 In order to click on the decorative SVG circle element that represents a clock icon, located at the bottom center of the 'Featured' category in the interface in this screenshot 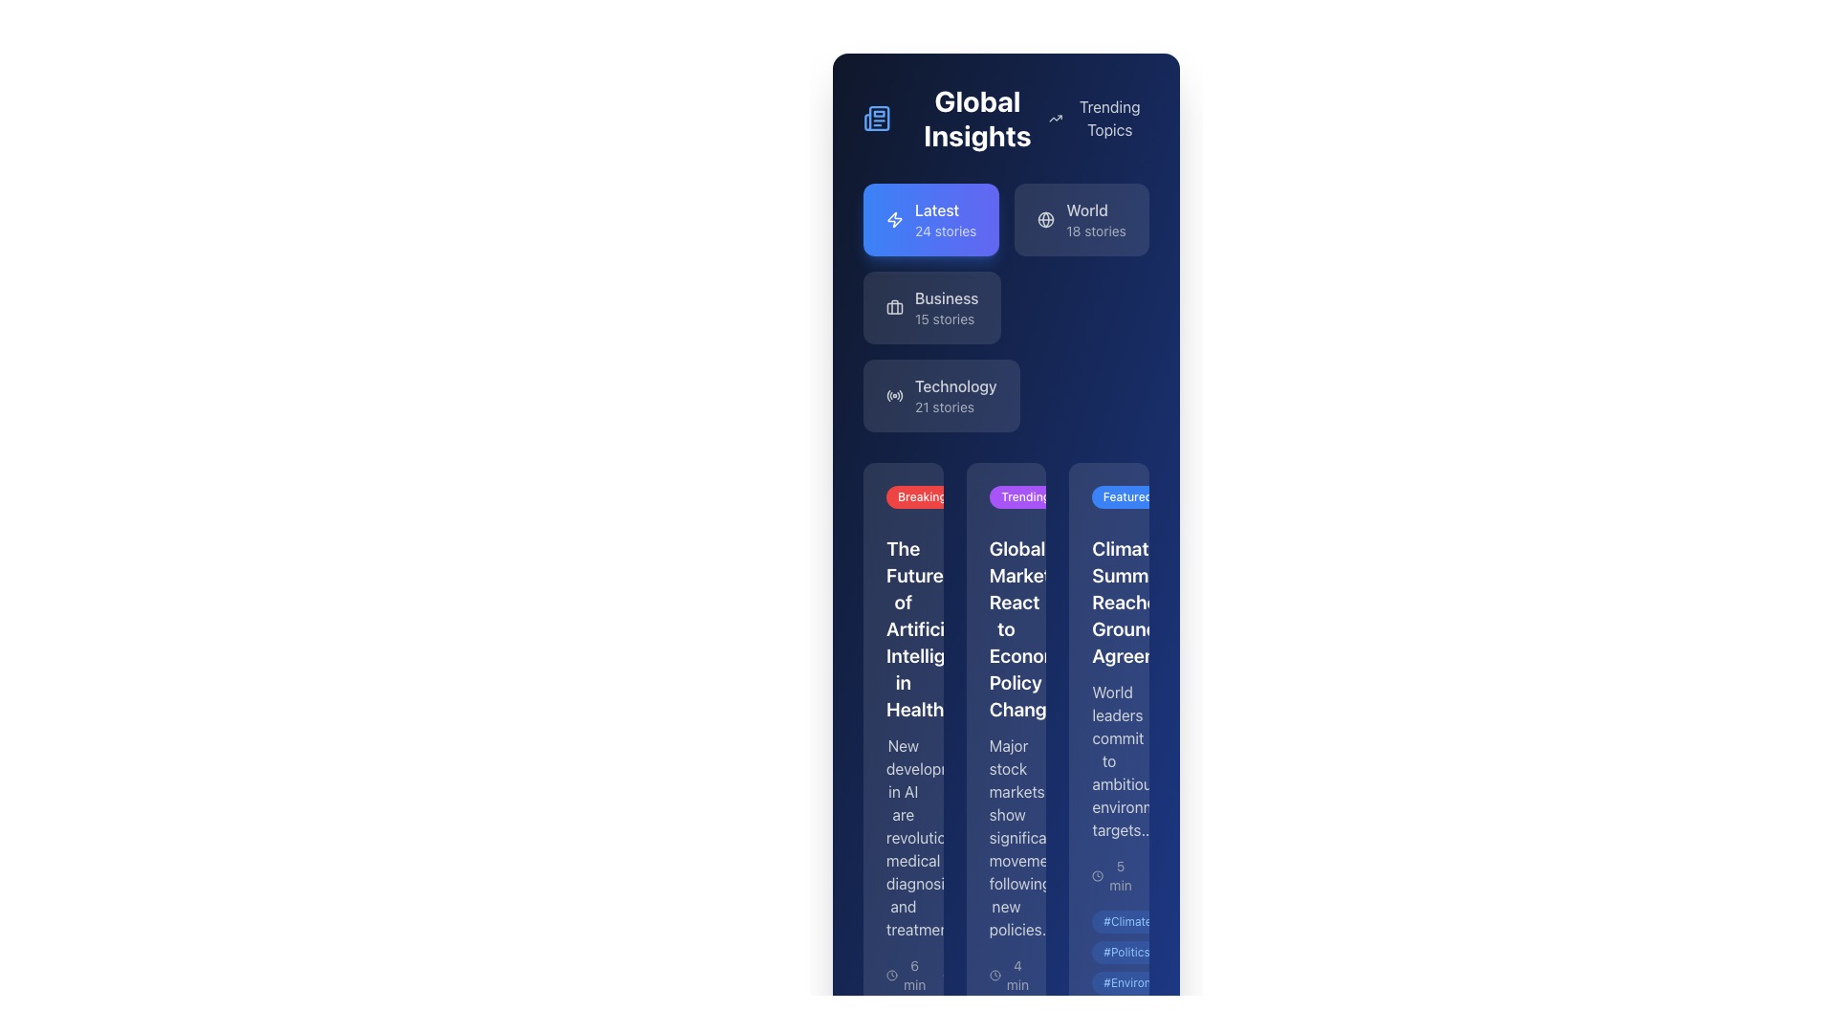, I will do `click(1098, 875)`.